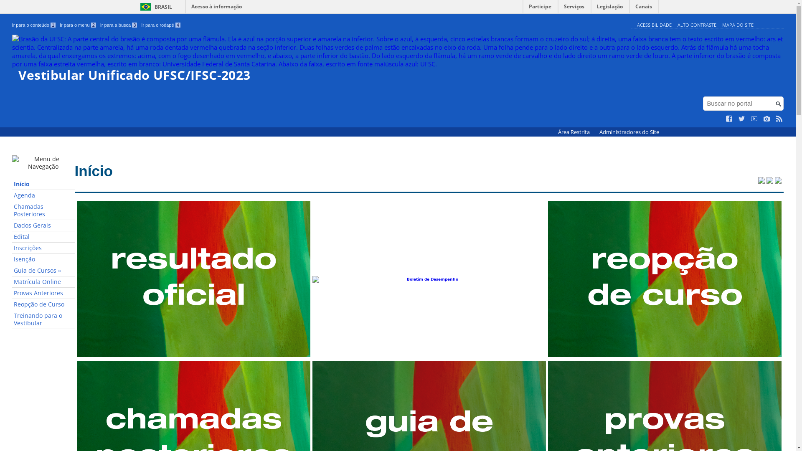  I want to click on 'MAPA DO SITE', so click(721, 24).